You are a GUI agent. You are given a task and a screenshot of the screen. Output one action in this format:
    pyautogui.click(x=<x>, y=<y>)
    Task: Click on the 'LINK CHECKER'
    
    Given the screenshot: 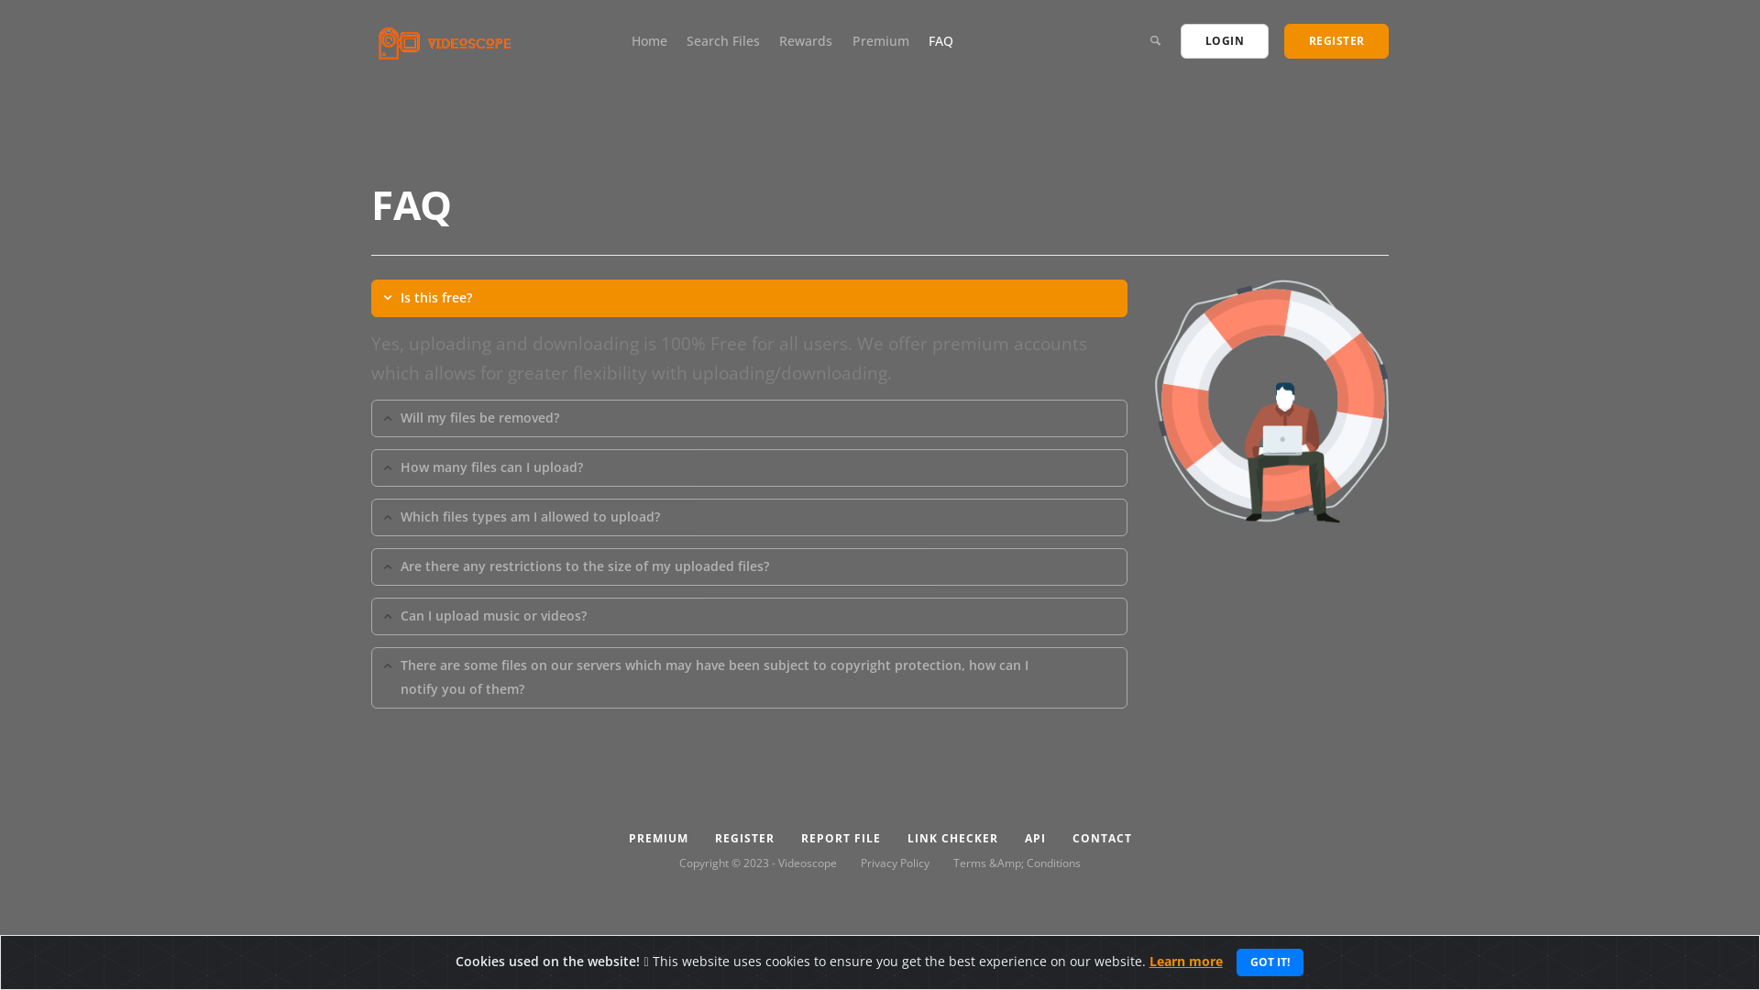 What is the action you would take?
    pyautogui.click(x=951, y=838)
    